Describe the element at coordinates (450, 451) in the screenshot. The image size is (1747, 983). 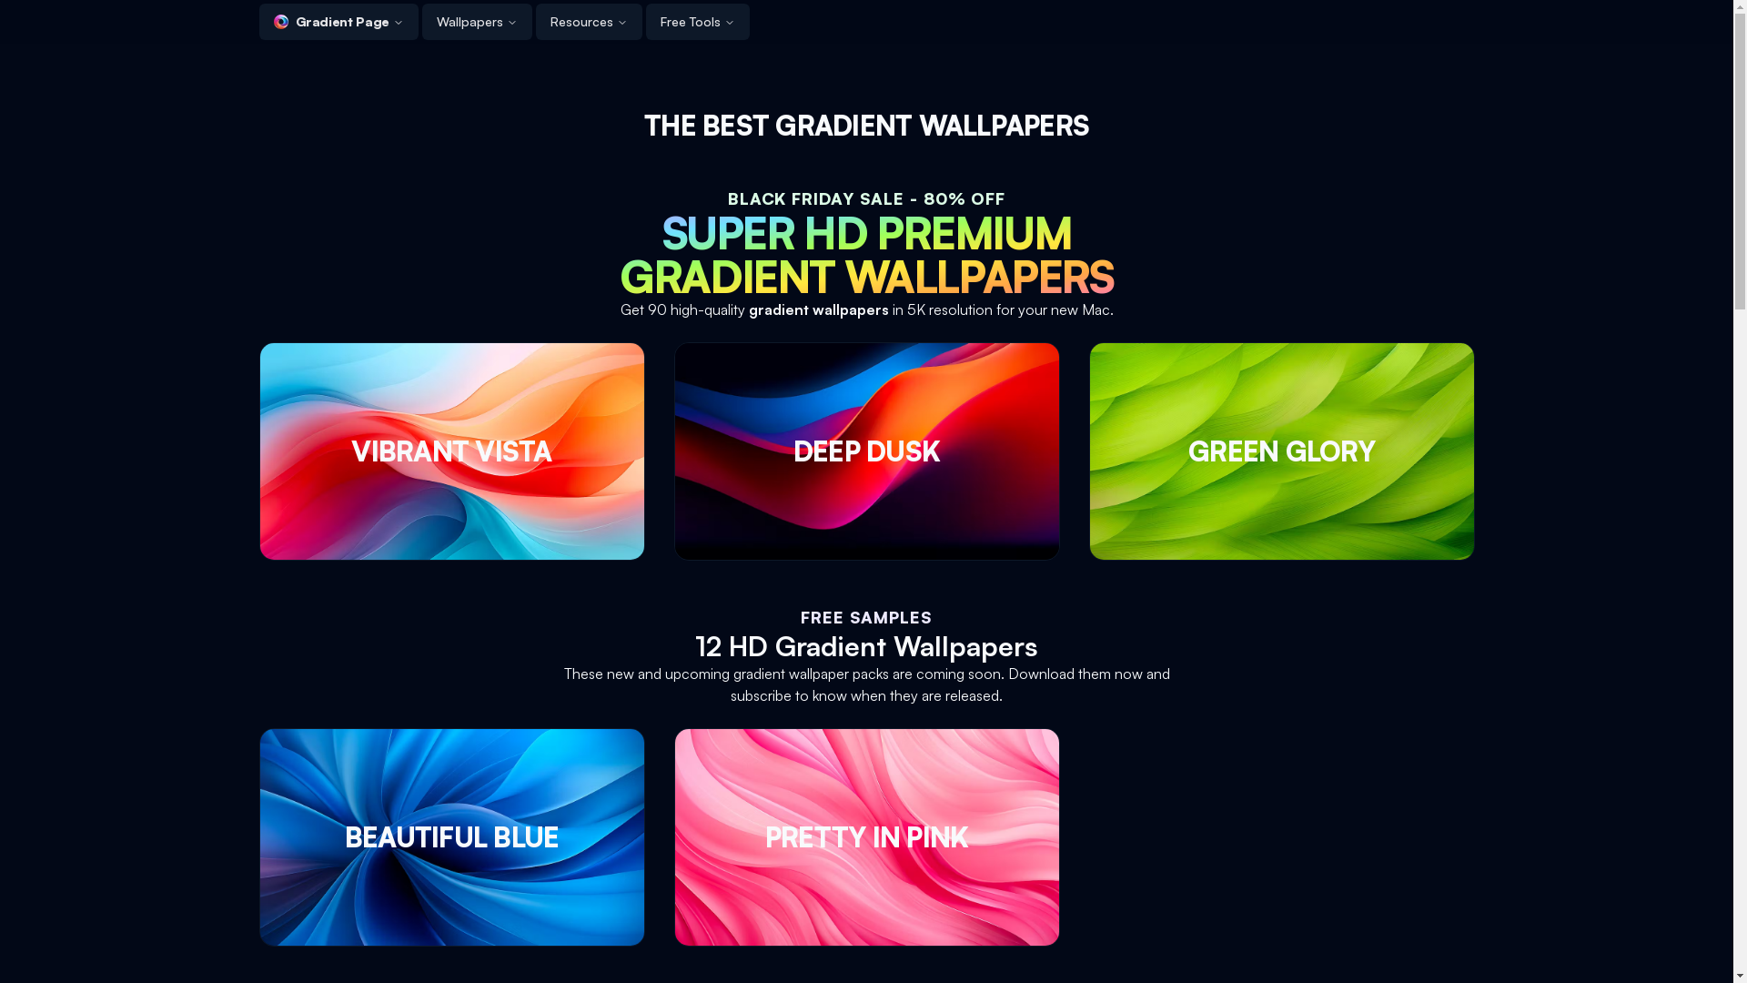
I see `'VIBRANT VISTA'` at that location.